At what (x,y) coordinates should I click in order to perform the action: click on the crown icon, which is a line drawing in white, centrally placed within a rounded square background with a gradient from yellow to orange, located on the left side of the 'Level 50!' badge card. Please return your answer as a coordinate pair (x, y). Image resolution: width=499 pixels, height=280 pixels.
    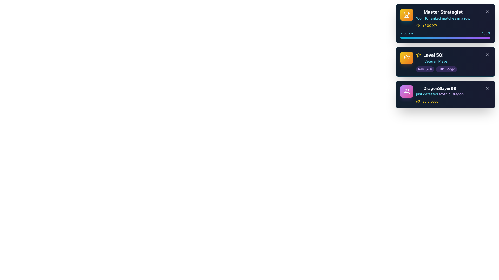
    Looking at the image, I should click on (406, 58).